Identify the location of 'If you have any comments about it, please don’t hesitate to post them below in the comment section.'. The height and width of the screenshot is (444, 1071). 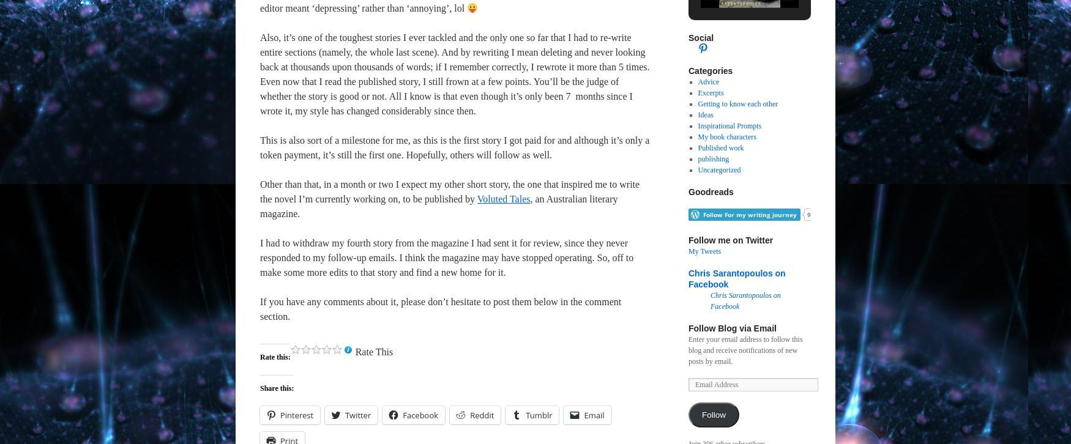
(440, 309).